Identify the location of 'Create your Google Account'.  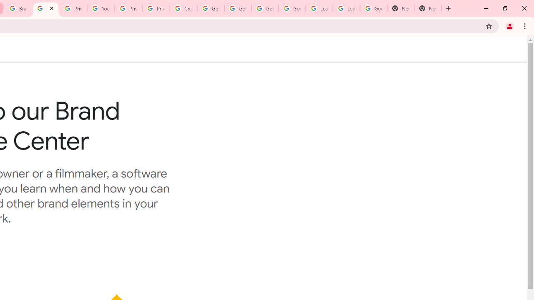
(183, 8).